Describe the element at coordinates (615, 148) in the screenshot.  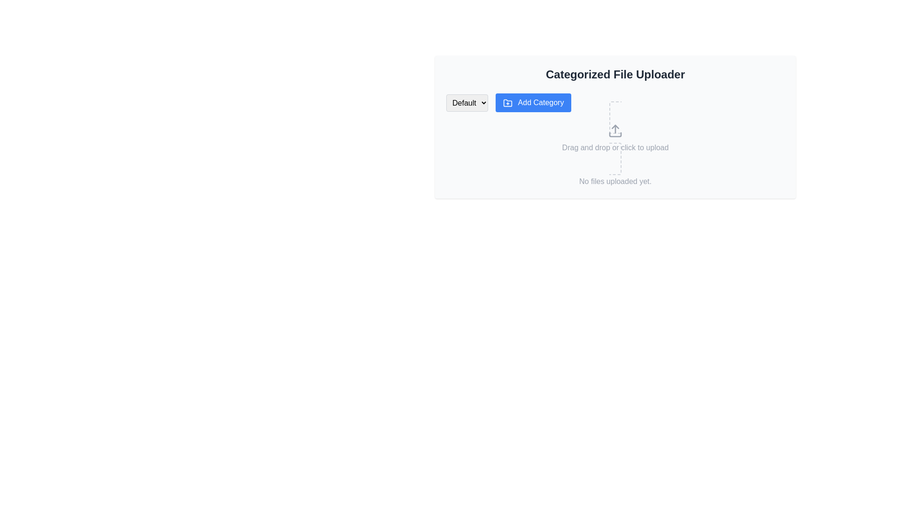
I see `the text block that provides instructions for uploading files, located within the dashed bordered rectangle at the bottom of the upload box` at that location.